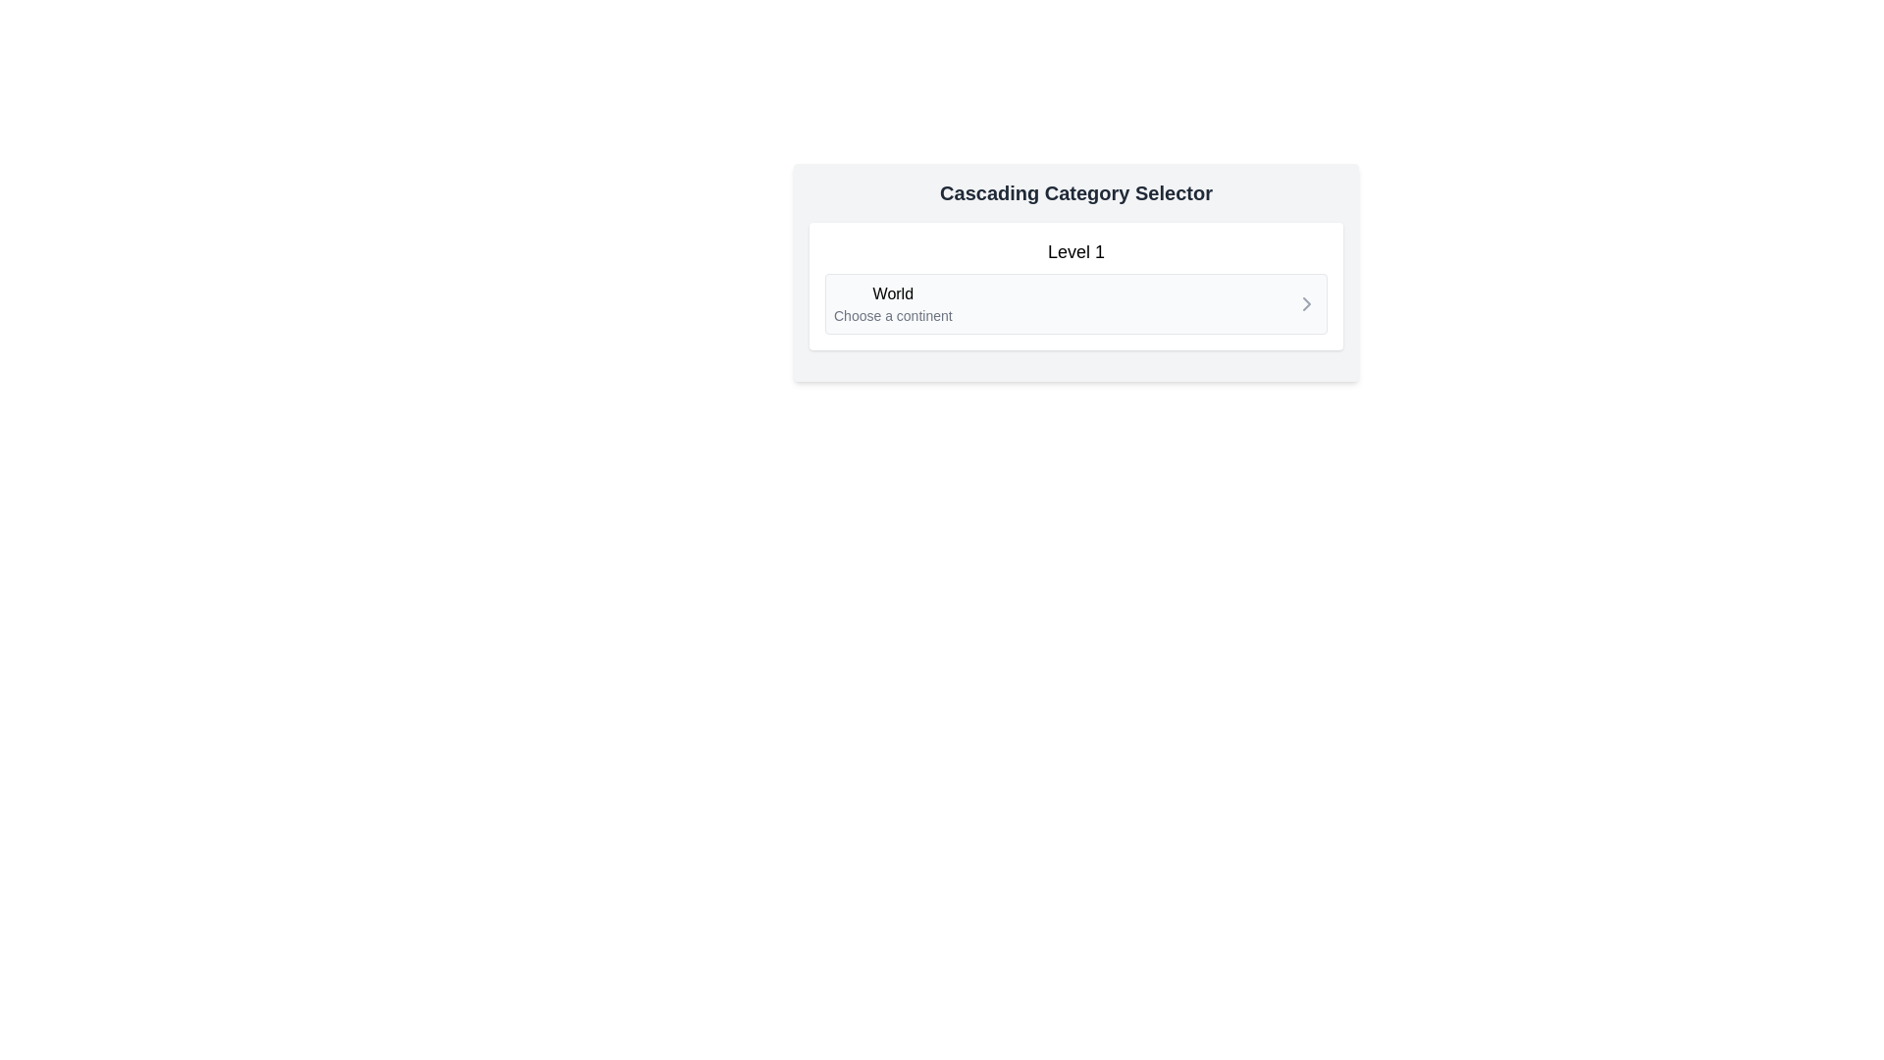  Describe the element at coordinates (1075, 287) in the screenshot. I see `the navigation or selection card within the 'Cascading Category Selector'` at that location.